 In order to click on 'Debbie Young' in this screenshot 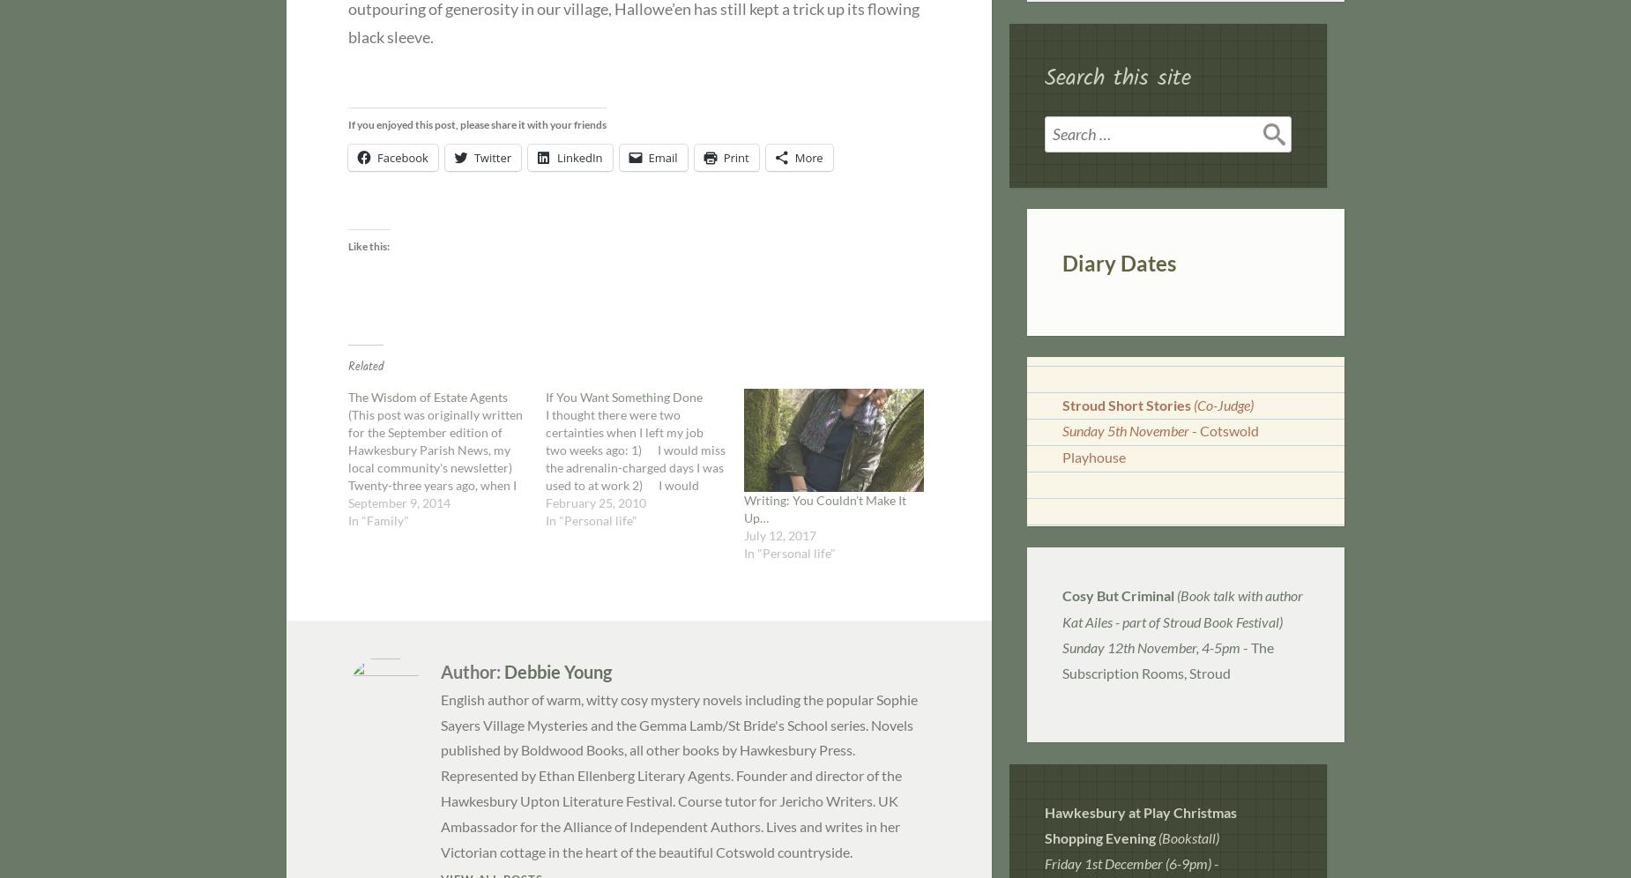, I will do `click(558, 671)`.